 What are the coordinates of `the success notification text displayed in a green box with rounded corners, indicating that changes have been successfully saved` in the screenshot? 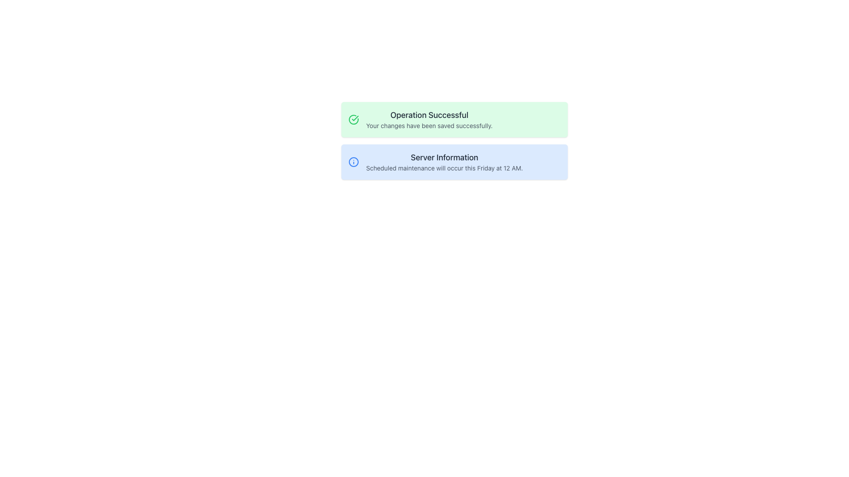 It's located at (429, 119).